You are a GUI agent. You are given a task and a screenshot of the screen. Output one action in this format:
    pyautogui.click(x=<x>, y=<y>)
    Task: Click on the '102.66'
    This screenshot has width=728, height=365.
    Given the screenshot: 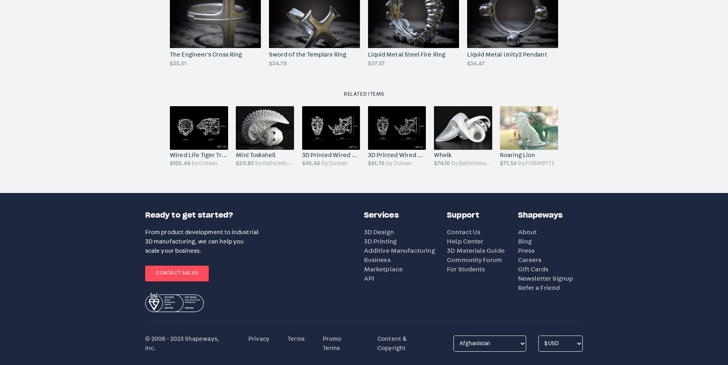 What is the action you would take?
    pyautogui.click(x=173, y=163)
    